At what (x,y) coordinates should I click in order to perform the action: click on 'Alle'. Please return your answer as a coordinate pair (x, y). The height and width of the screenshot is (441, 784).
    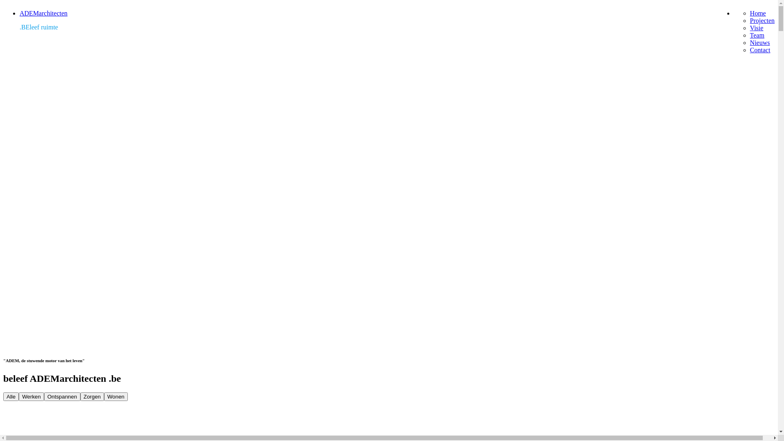
    Looking at the image, I should click on (11, 396).